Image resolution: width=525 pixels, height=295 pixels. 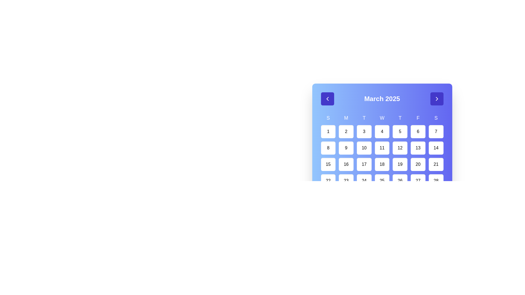 I want to click on the right-facing chevron arrow icon in white, which is enclosed within a circular boundary, located at the far right of the header bar, so click(x=436, y=99).